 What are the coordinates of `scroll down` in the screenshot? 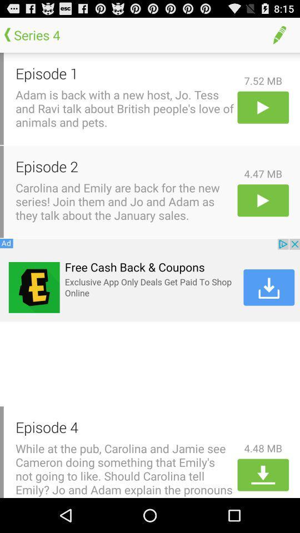 It's located at (262, 474).